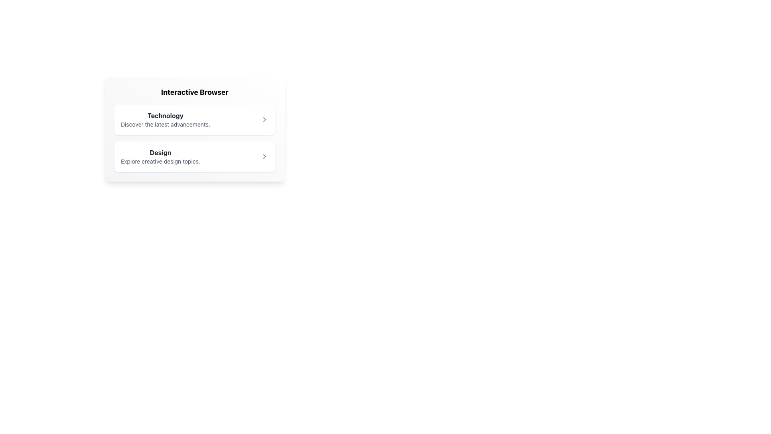 Image resolution: width=771 pixels, height=434 pixels. What do you see at coordinates (194, 137) in the screenshot?
I see `the 'Technology' section of the interactive items styled as cards or buttons` at bounding box center [194, 137].